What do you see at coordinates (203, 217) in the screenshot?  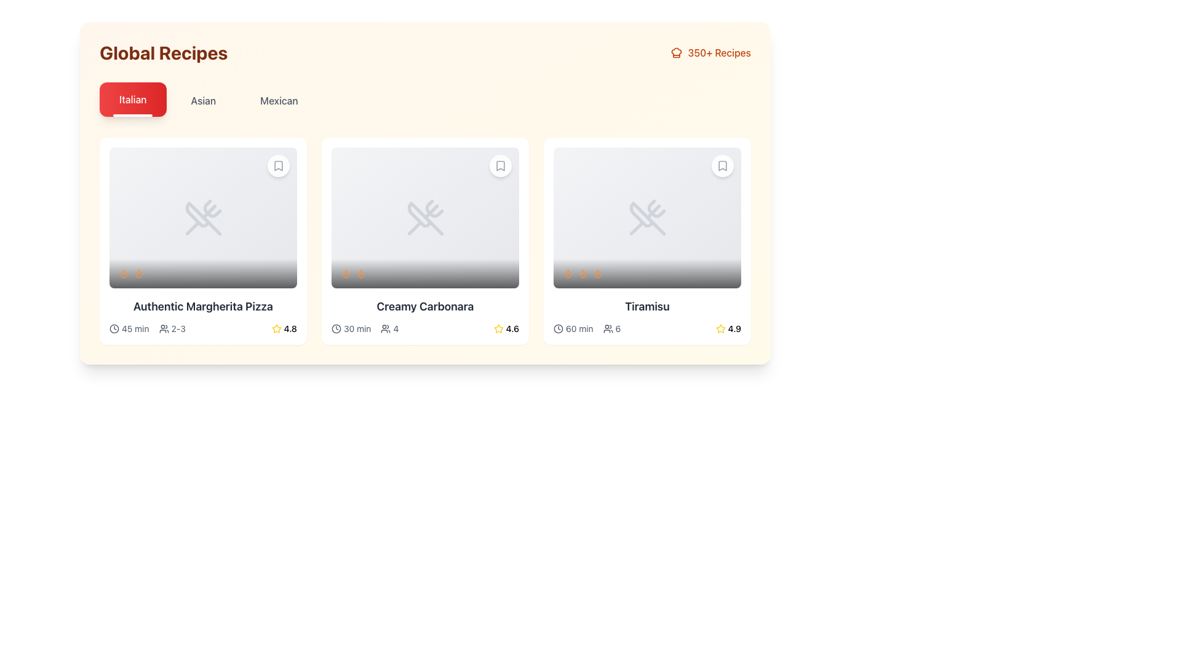 I see `the Decorative icon, which is a crossed utensils icon consisting of a fork and knife, located at the center of the card for 'Authentic Margherita Pizza' in the 'Italian' section of the 'Global Recipes' interface` at bounding box center [203, 217].